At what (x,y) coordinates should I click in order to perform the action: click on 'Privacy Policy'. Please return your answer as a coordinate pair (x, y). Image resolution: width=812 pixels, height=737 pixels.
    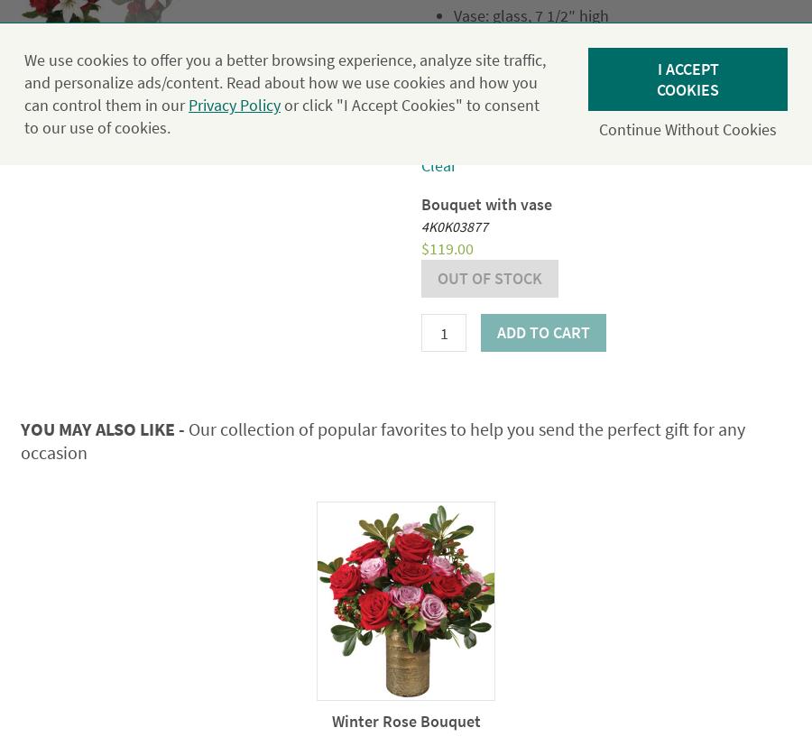
    Looking at the image, I should click on (234, 105).